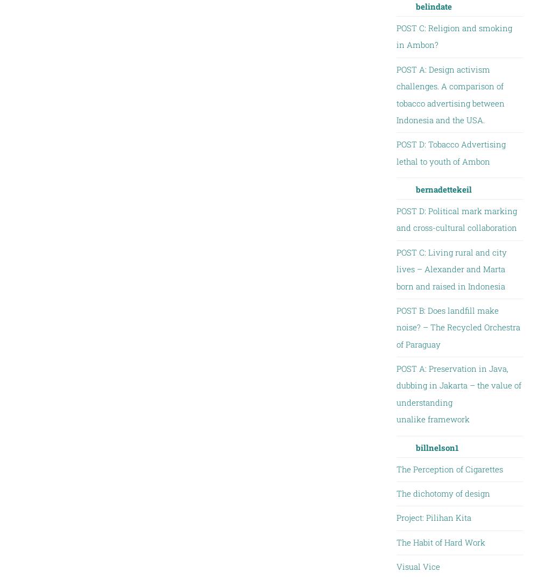  I want to click on 'POST C: Living rural and city lives – Alexander and Marta born and raised in Indonesia', so click(395, 268).